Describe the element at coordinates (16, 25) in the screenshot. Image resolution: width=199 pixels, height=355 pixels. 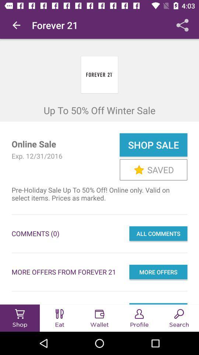
I see `icon above up to 50` at that location.